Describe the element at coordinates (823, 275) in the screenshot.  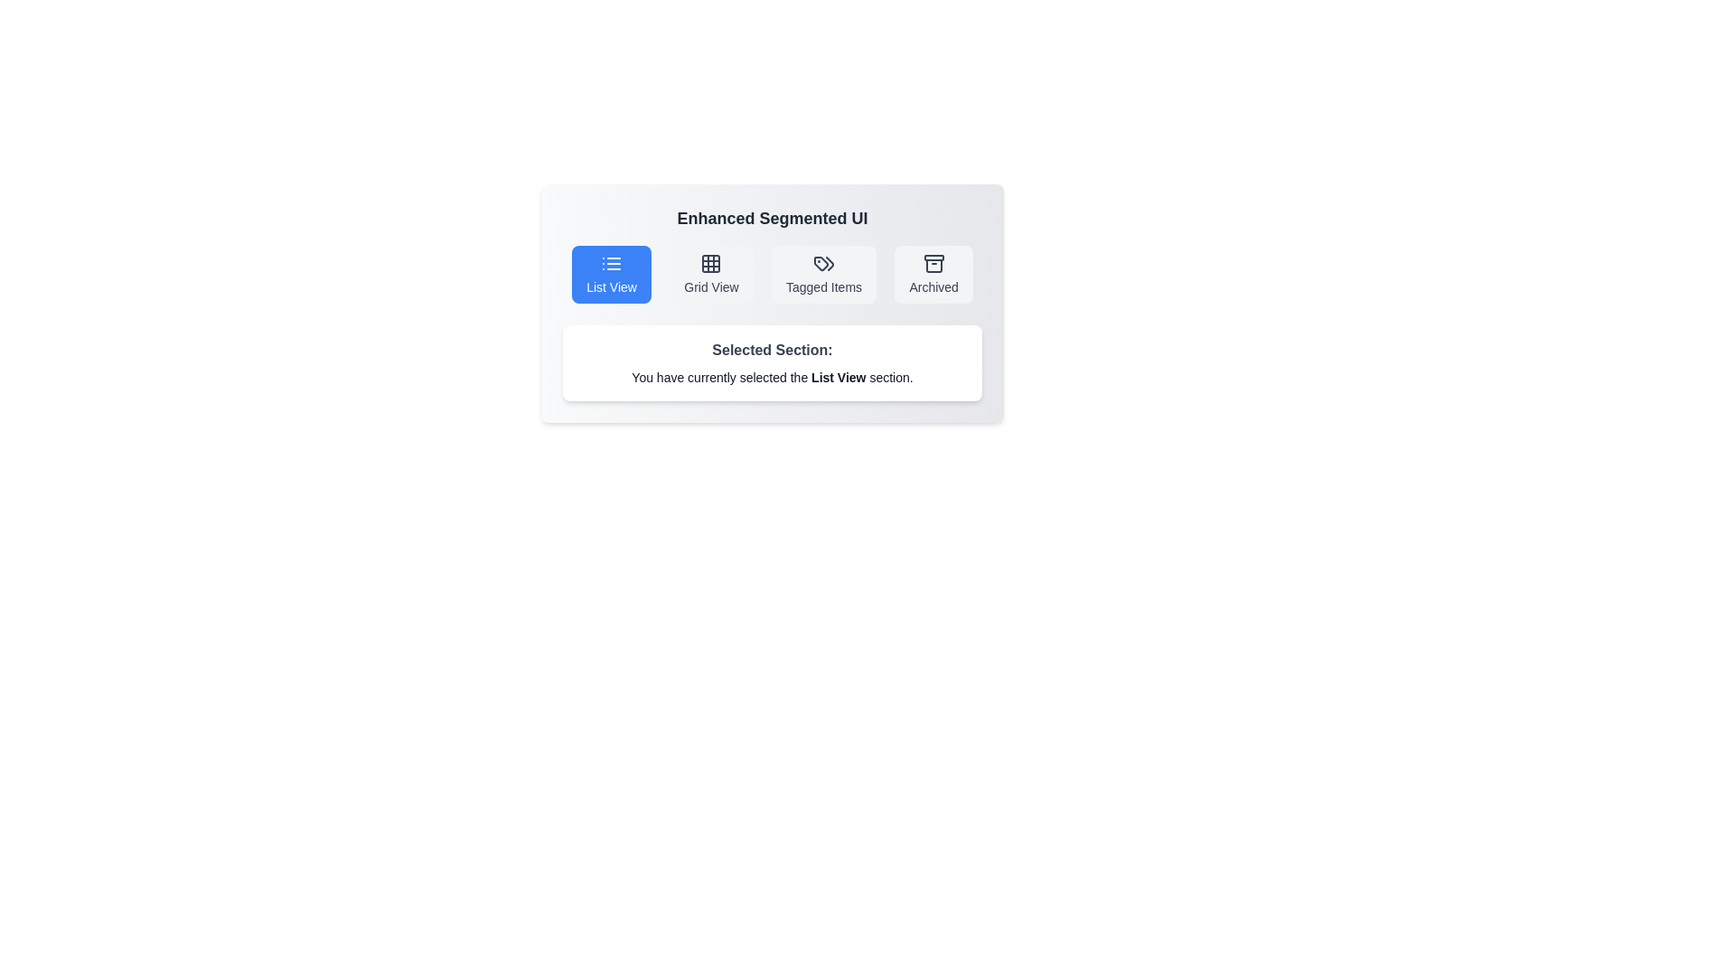
I see `the third button in a group of four buttons located at the center-top of the interface` at that location.